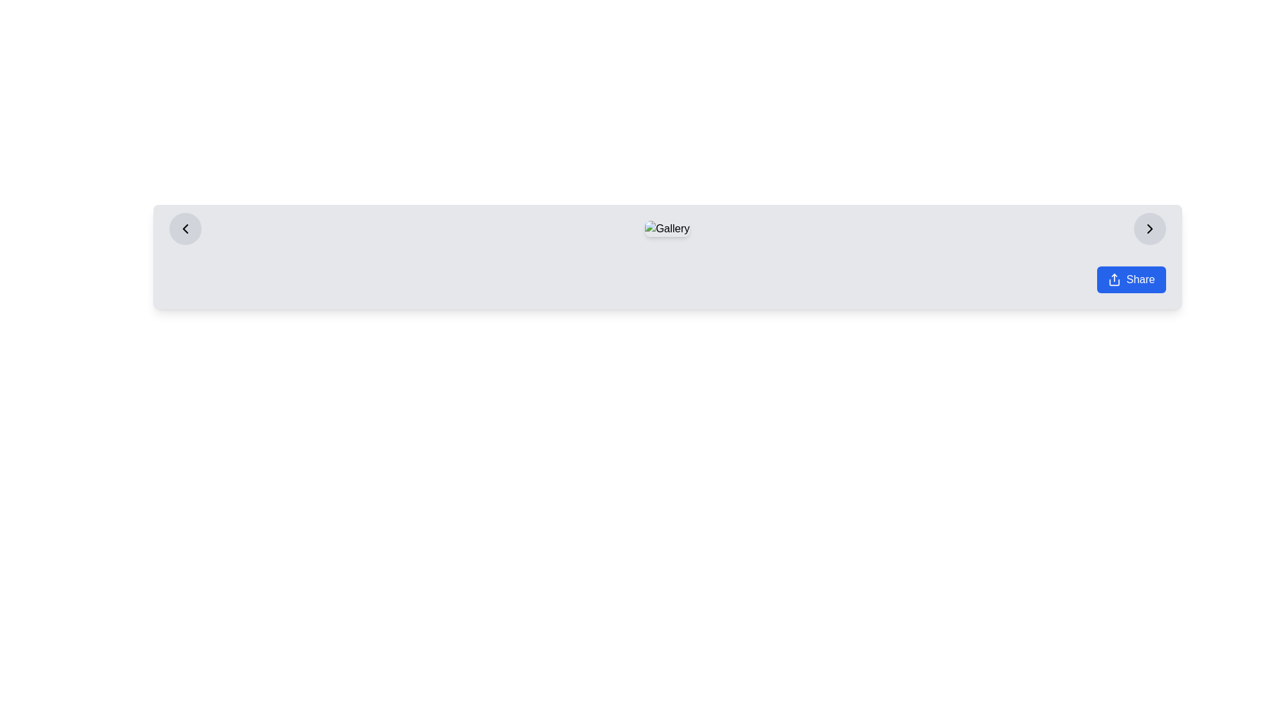 This screenshot has height=723, width=1286. Describe the element at coordinates (654, 251) in the screenshot. I see `the first circular dot navigation indicator` at that location.